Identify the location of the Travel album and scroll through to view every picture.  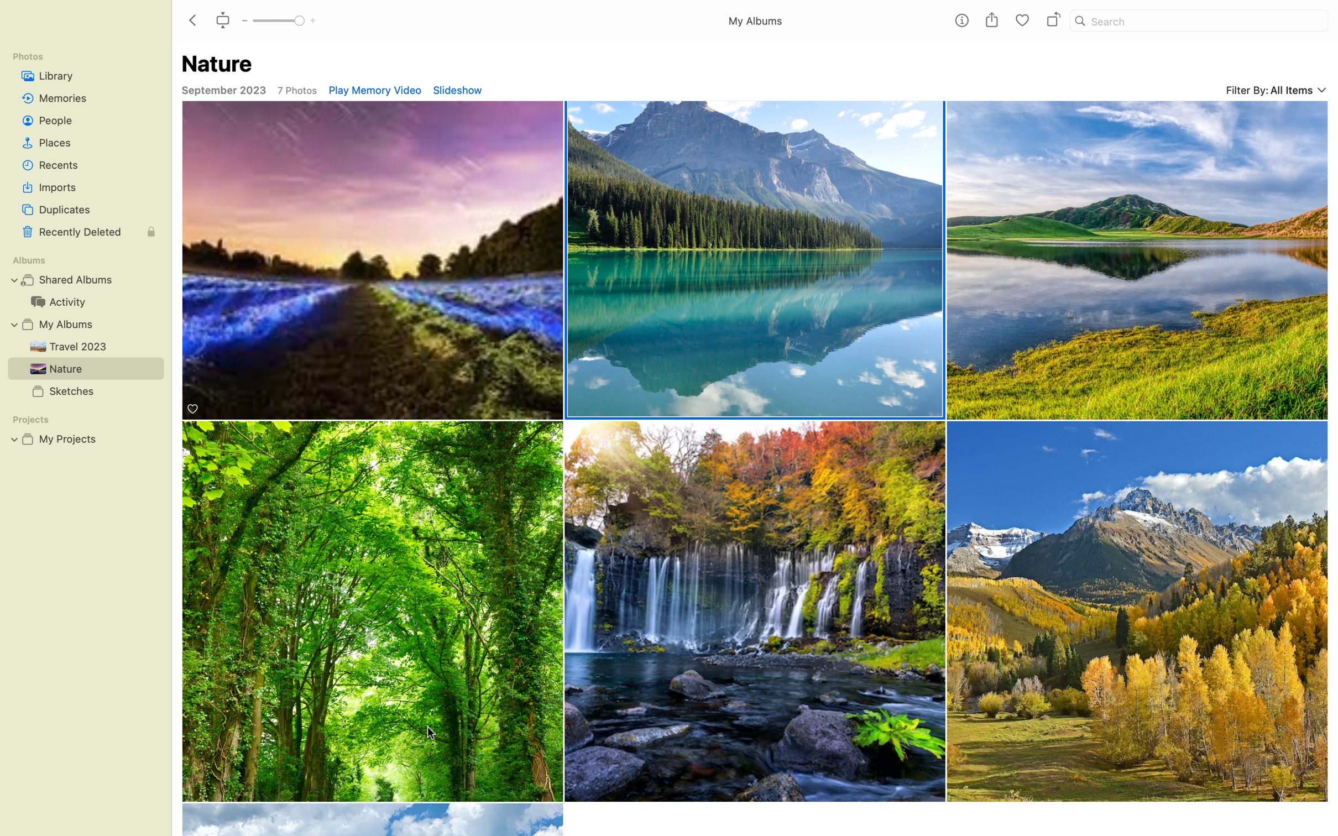
(83, 345).